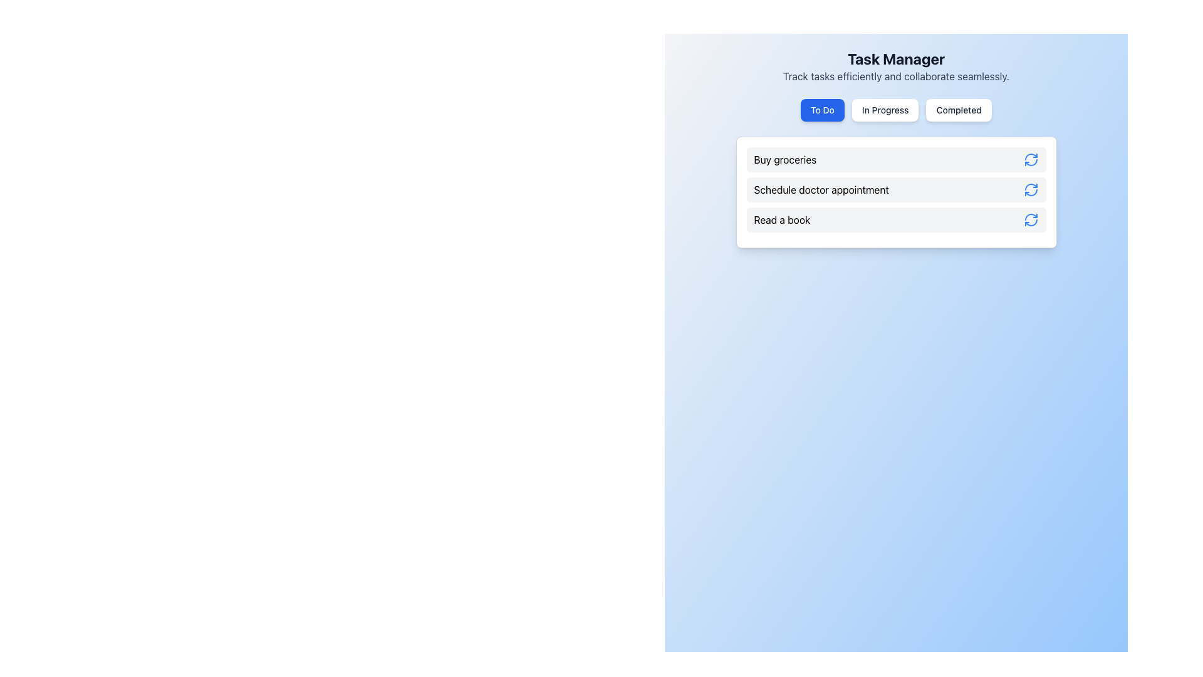  I want to click on the blue circular arrow icon button located at the far right of the 'Schedule doctor appointment' task to possibly reveal a tooltip, so click(1031, 190).